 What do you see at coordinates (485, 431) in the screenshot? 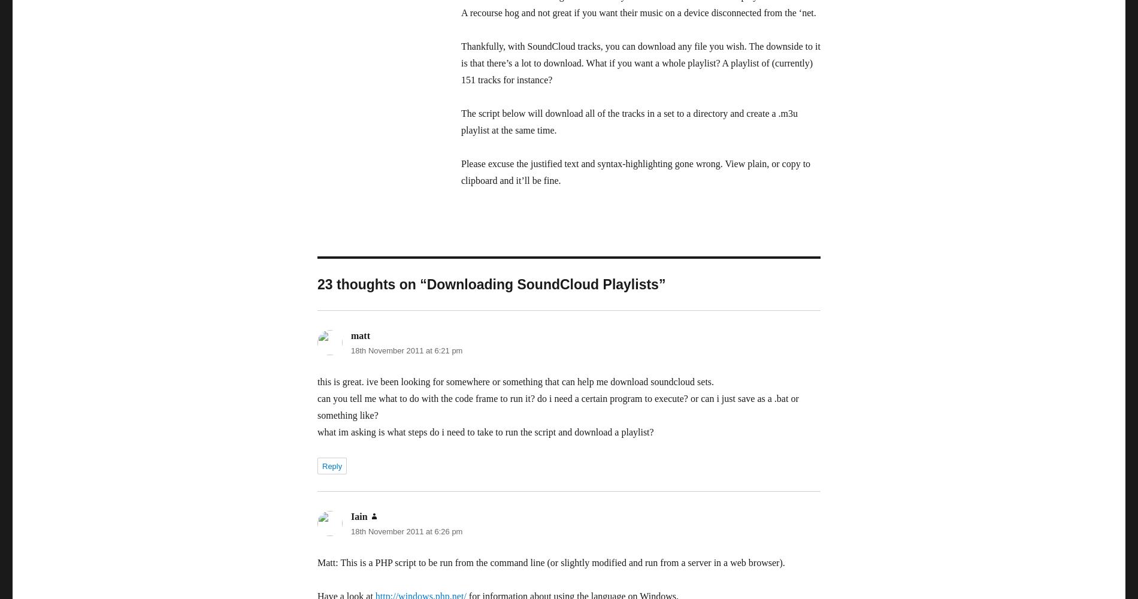
I see `'what im asking is what steps do i need to take to run the script and download a playlist?'` at bounding box center [485, 431].